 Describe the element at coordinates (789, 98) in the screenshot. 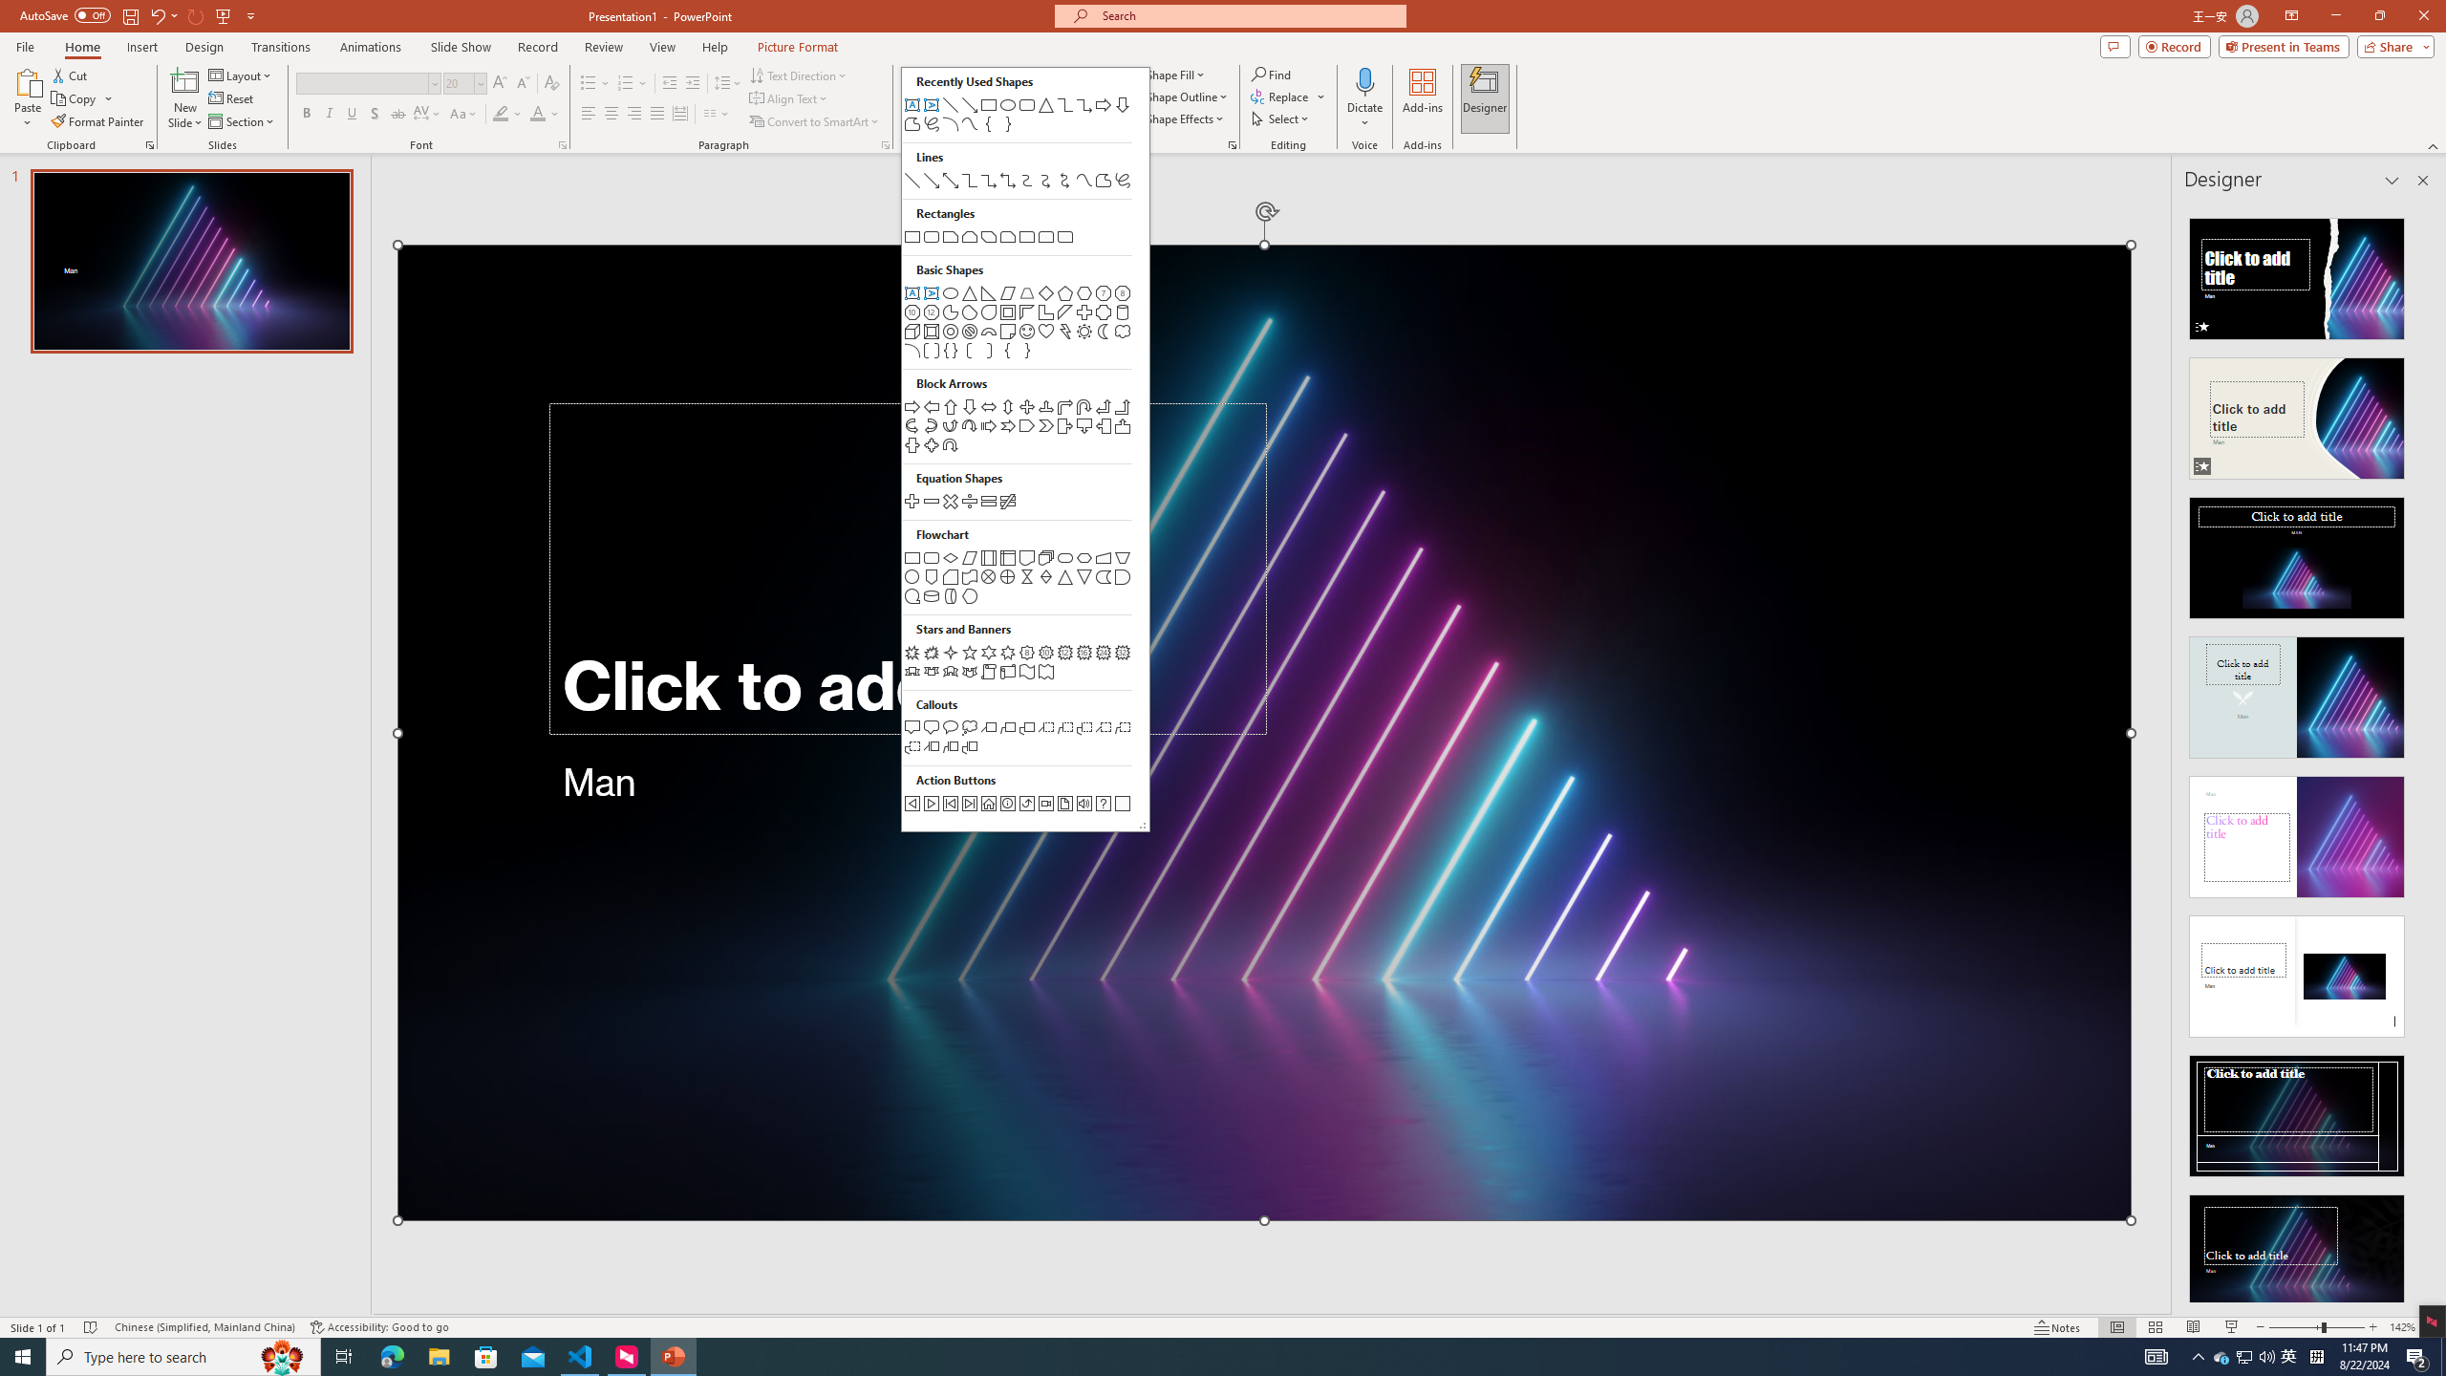

I see `'Align Text'` at that location.